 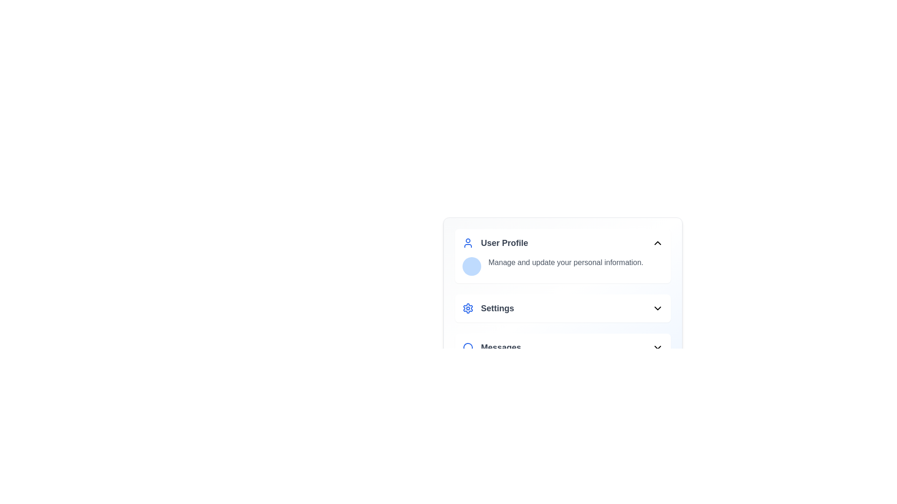 What do you see at coordinates (562, 308) in the screenshot?
I see `the 'Settings' button` at bounding box center [562, 308].